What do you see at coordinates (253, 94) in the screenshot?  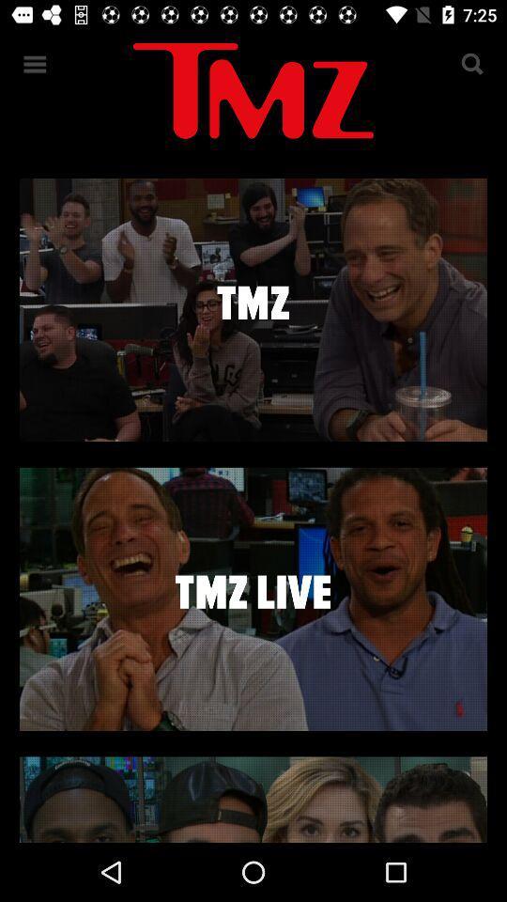 I see `home` at bounding box center [253, 94].